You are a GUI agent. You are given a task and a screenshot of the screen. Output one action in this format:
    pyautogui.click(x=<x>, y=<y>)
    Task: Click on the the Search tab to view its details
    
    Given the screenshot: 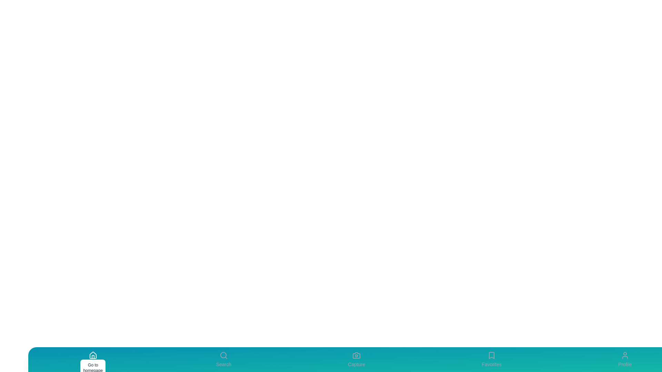 What is the action you would take?
    pyautogui.click(x=223, y=359)
    